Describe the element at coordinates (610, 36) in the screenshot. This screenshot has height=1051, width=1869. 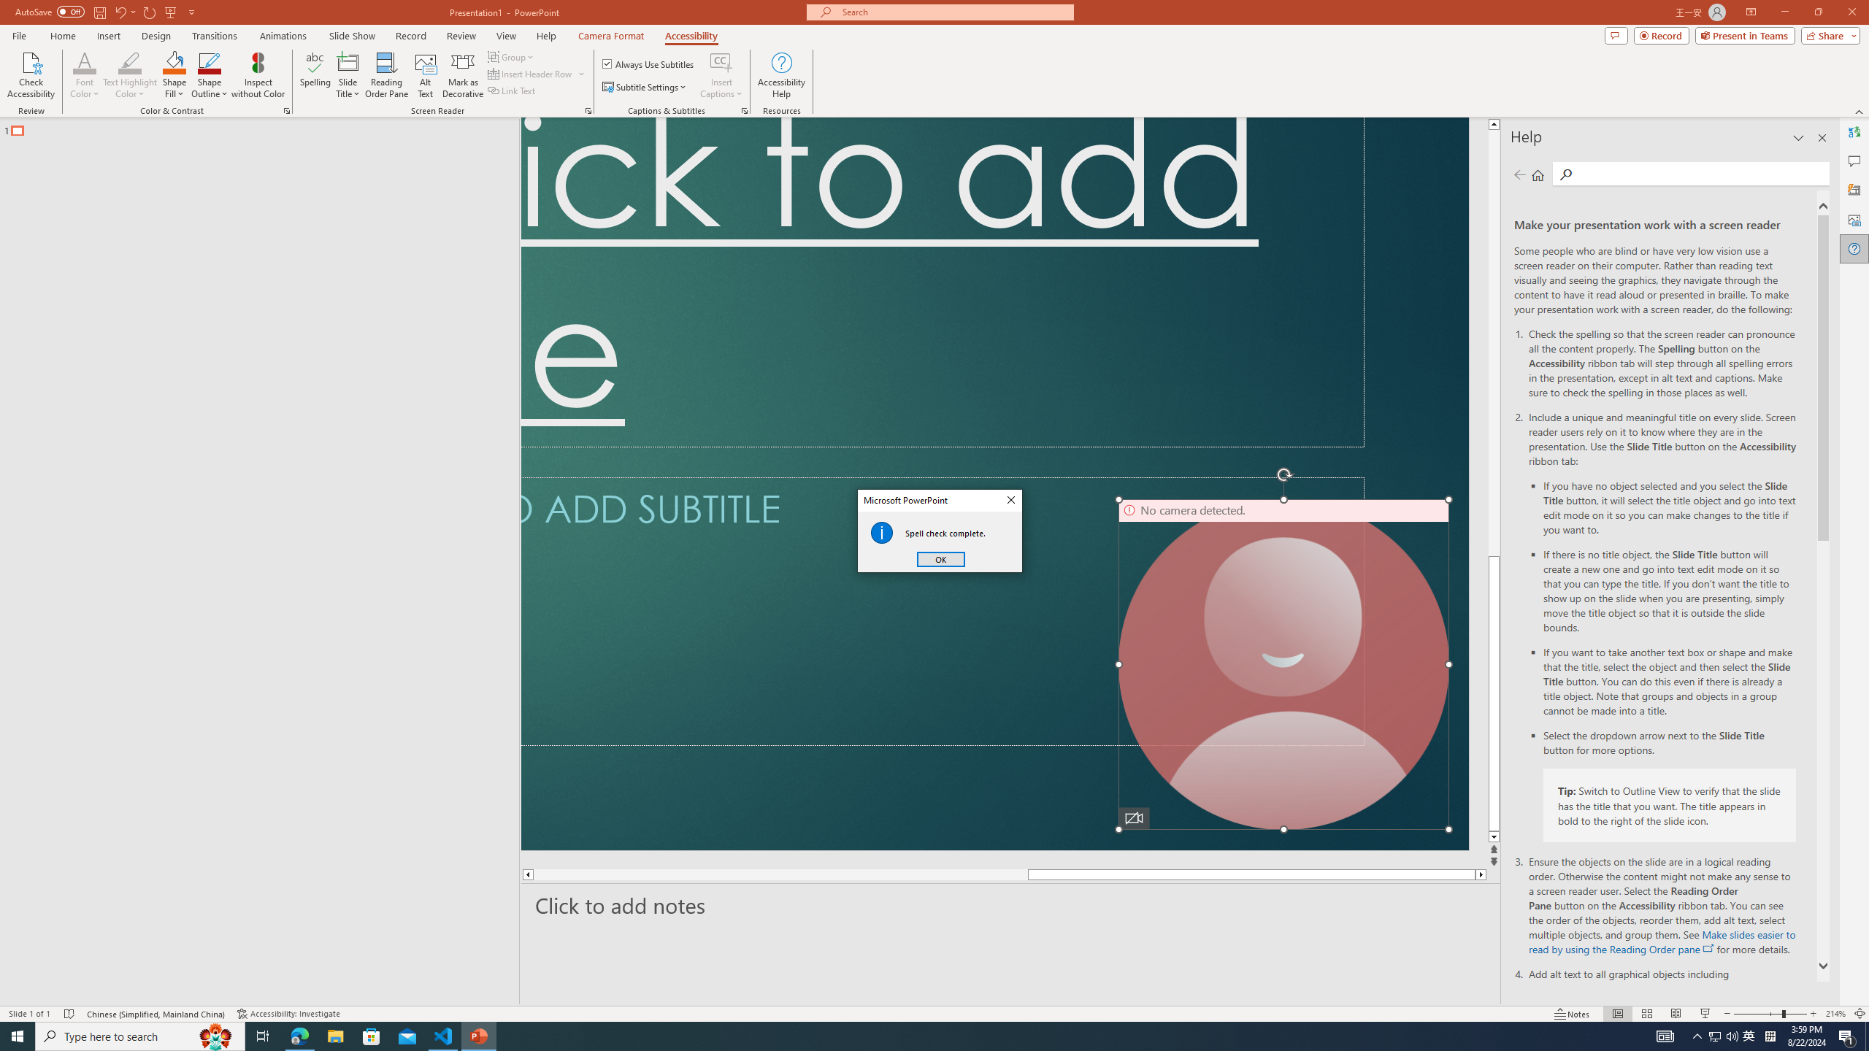
I see `'Camera Format'` at that location.